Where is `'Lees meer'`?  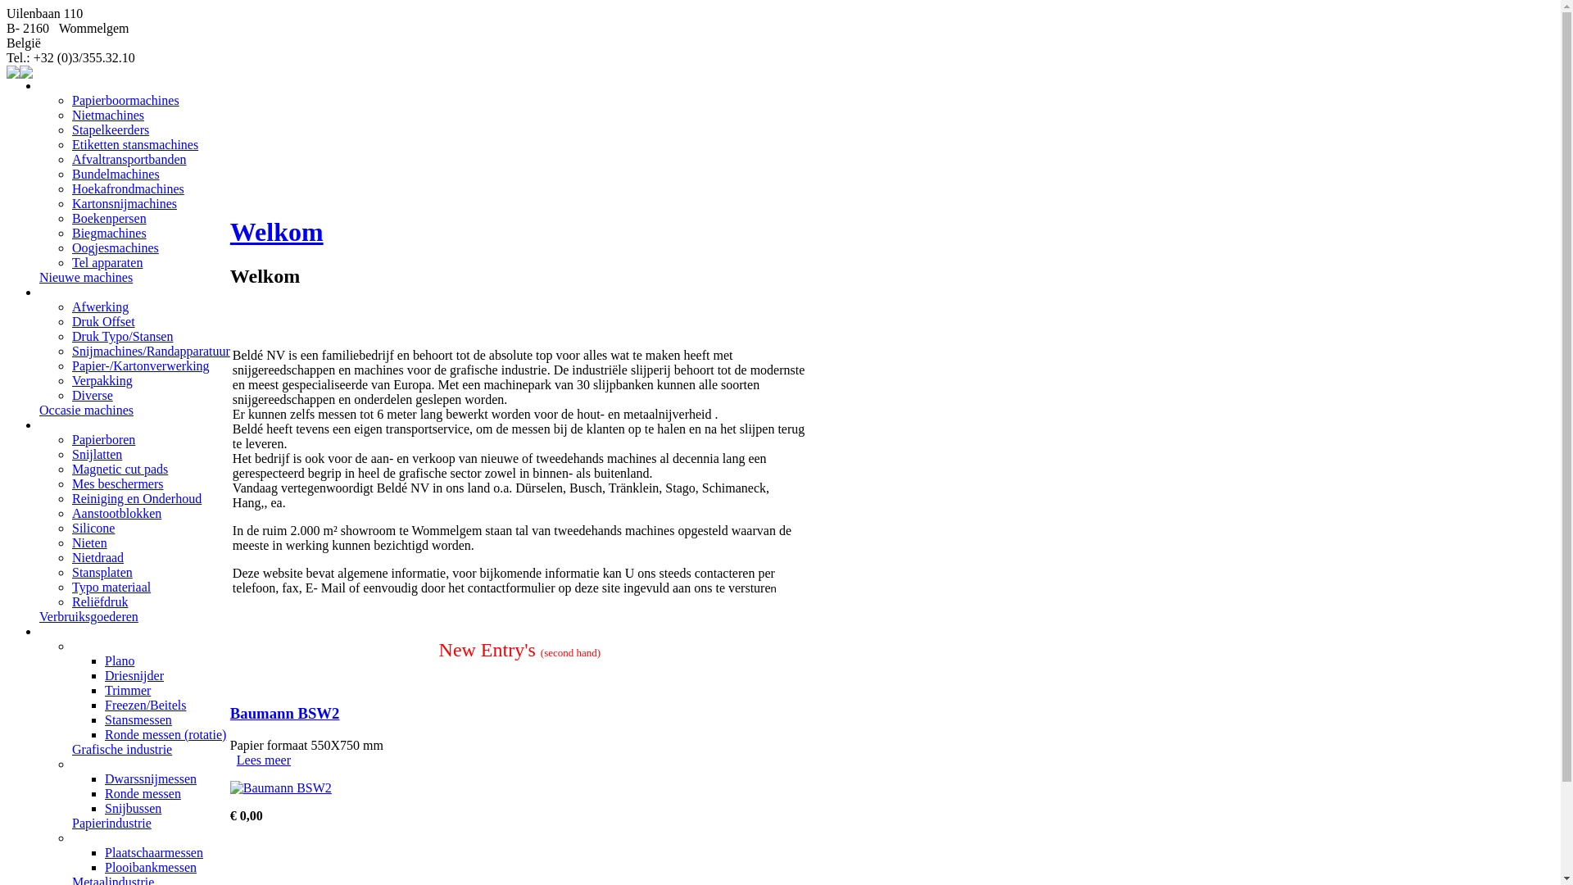
'Lees meer' is located at coordinates (263, 760).